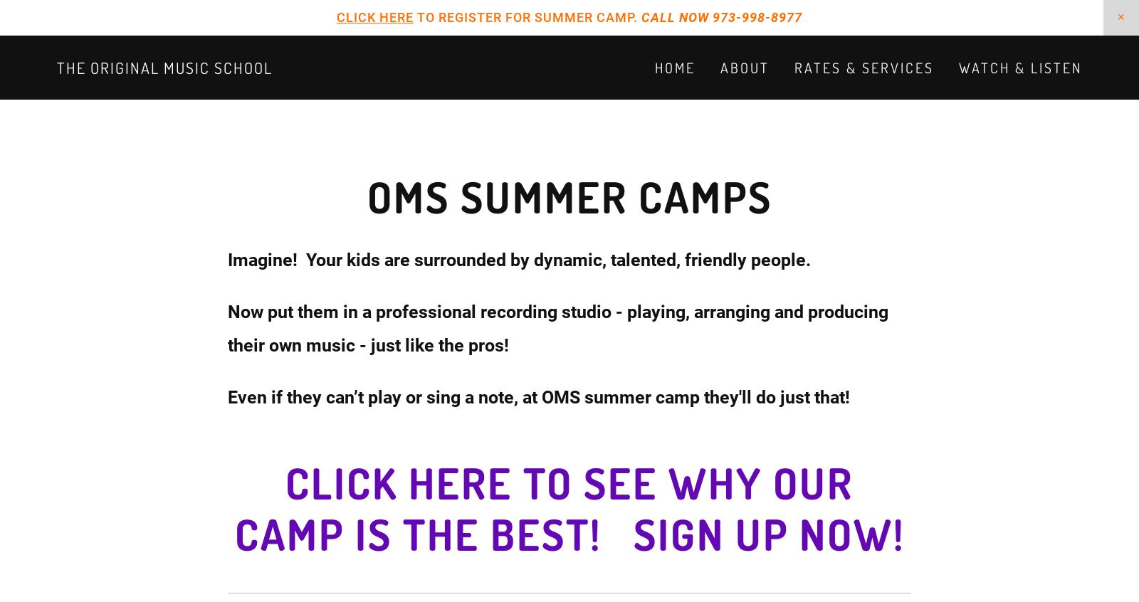 The image size is (1139, 602). Describe the element at coordinates (374, 16) in the screenshot. I see `'CLICK HERE'` at that location.